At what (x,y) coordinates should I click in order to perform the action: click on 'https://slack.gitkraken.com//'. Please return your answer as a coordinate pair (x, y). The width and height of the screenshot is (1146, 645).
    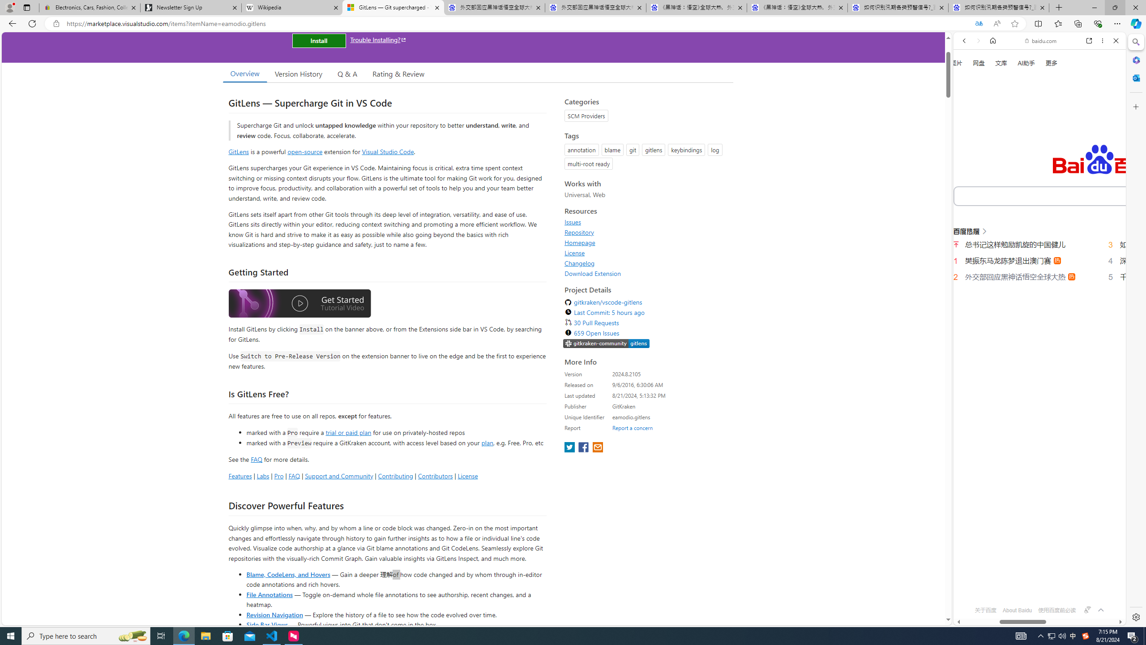
    Looking at the image, I should click on (606, 343).